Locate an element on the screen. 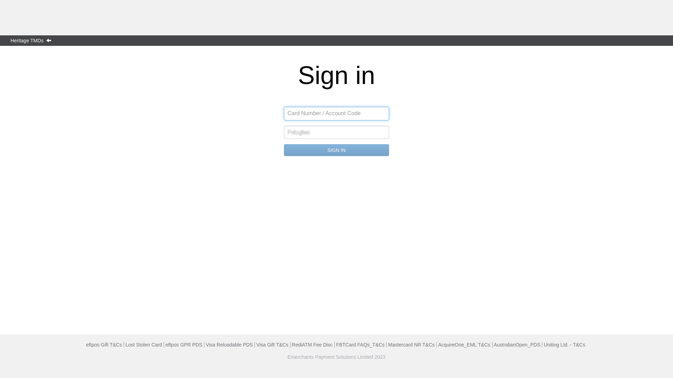  'Visa Reloadable PDS' is located at coordinates (229, 344).